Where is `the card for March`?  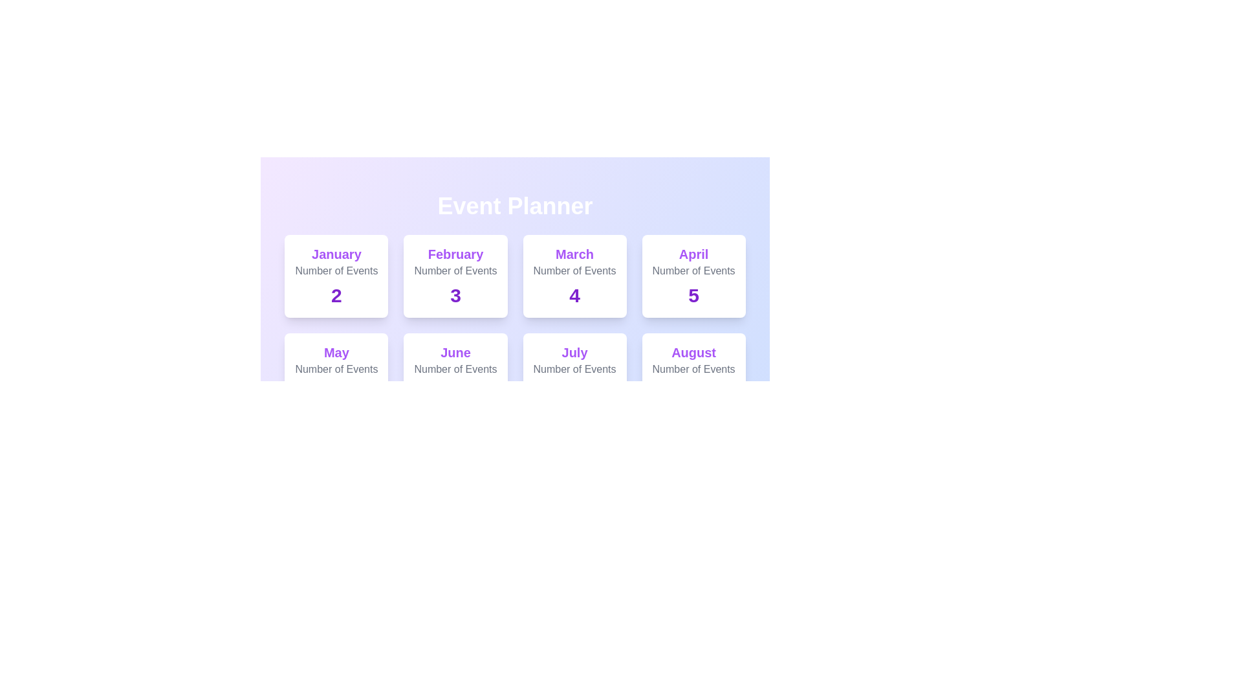 the card for March is located at coordinates (574, 276).